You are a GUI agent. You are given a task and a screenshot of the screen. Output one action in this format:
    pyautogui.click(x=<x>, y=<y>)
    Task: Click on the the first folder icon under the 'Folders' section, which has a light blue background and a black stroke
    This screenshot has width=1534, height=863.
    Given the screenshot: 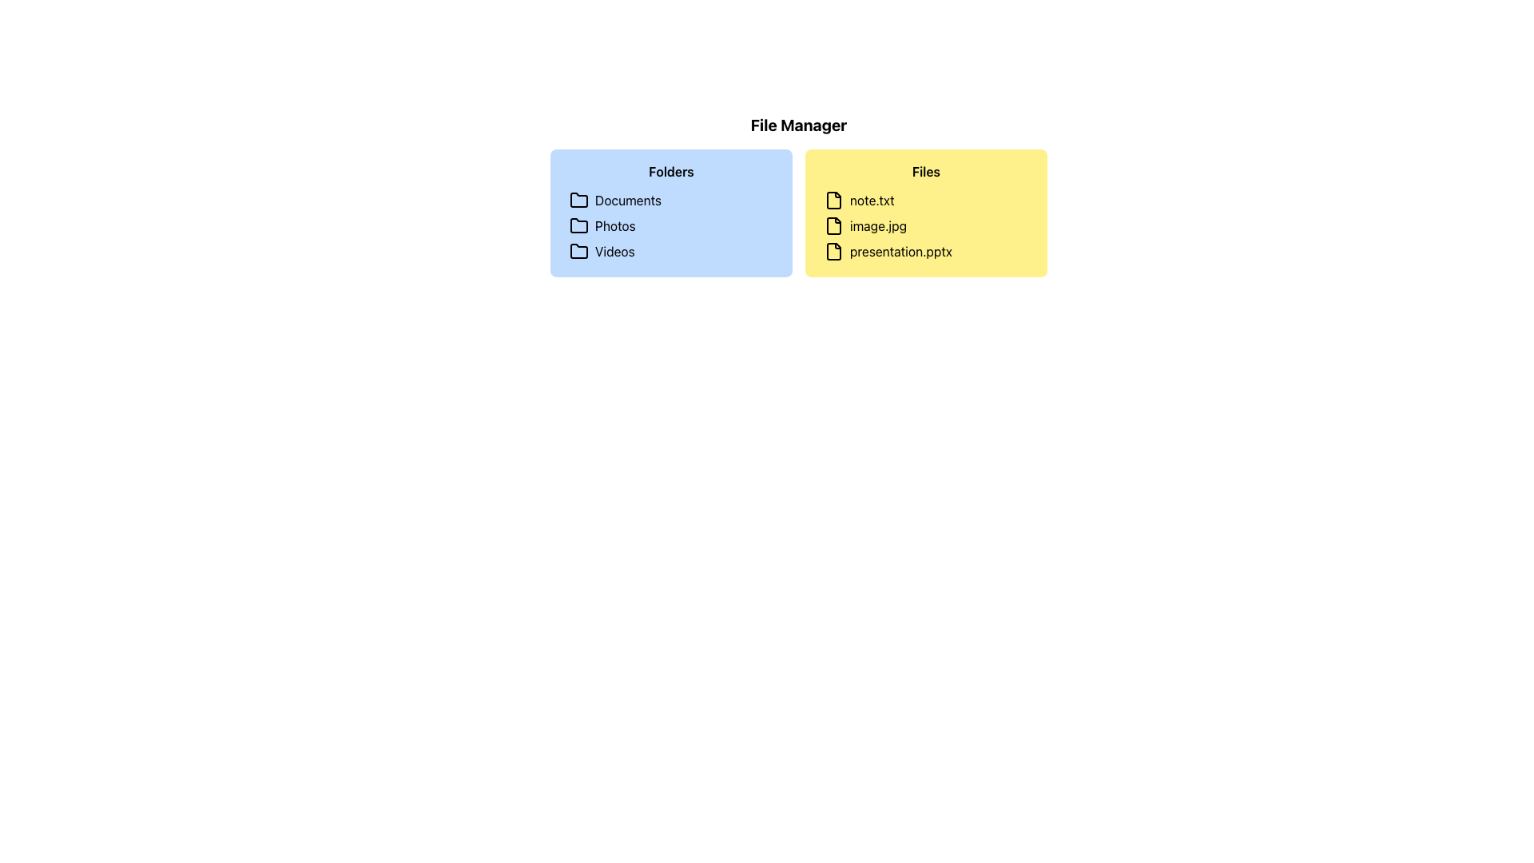 What is the action you would take?
    pyautogui.click(x=578, y=199)
    